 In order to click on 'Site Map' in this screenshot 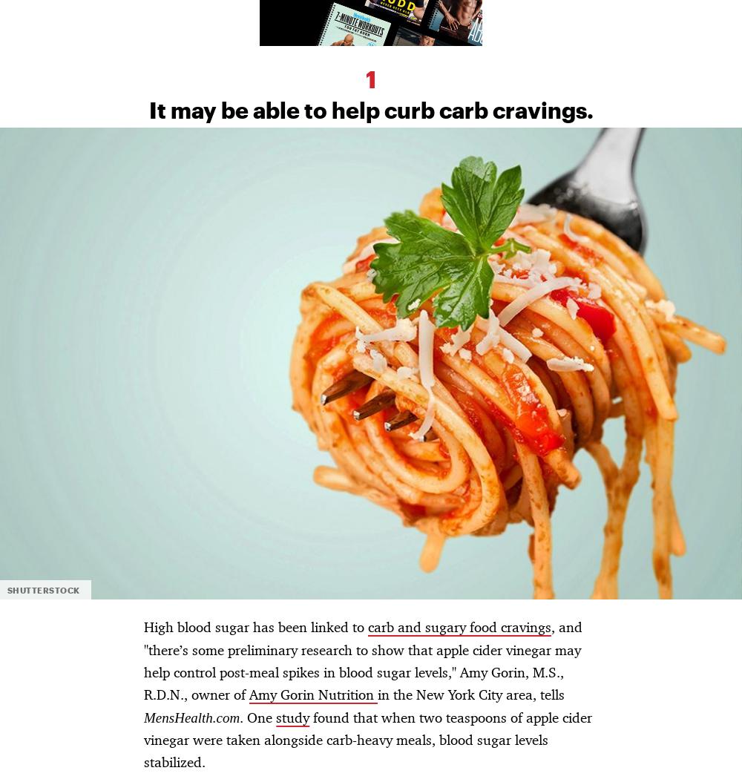, I will do `click(356, 393)`.